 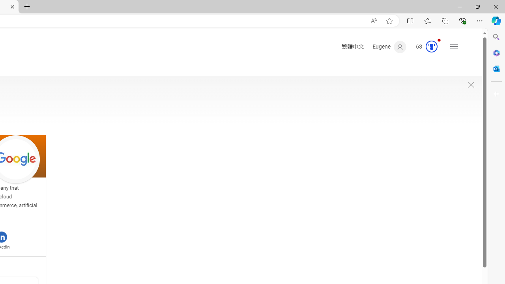 I want to click on 'AutomationID: rh_meter', so click(x=431, y=47).